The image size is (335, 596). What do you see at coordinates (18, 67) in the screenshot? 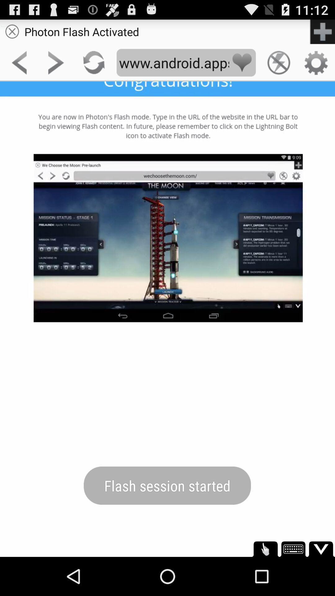
I see `the arrow_backward icon` at bounding box center [18, 67].